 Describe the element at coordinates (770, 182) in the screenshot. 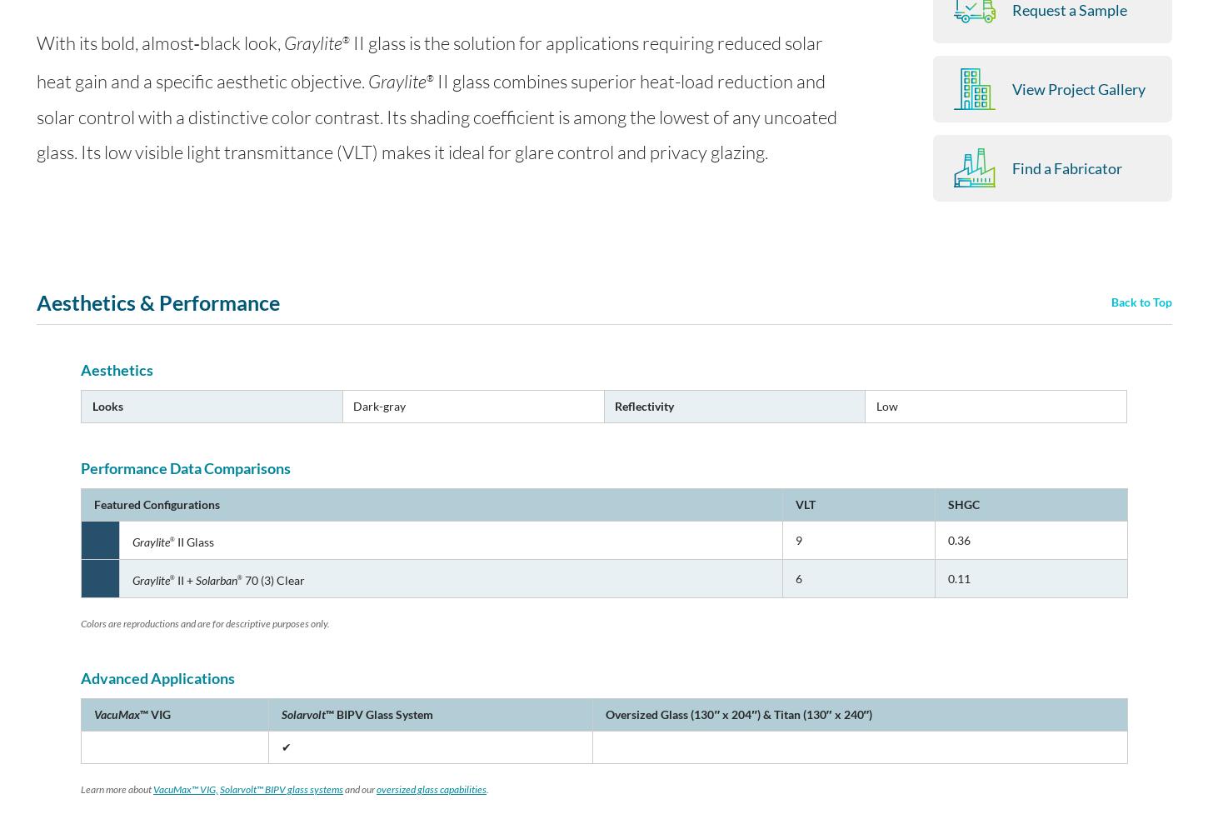

I see `'Includes'` at that location.